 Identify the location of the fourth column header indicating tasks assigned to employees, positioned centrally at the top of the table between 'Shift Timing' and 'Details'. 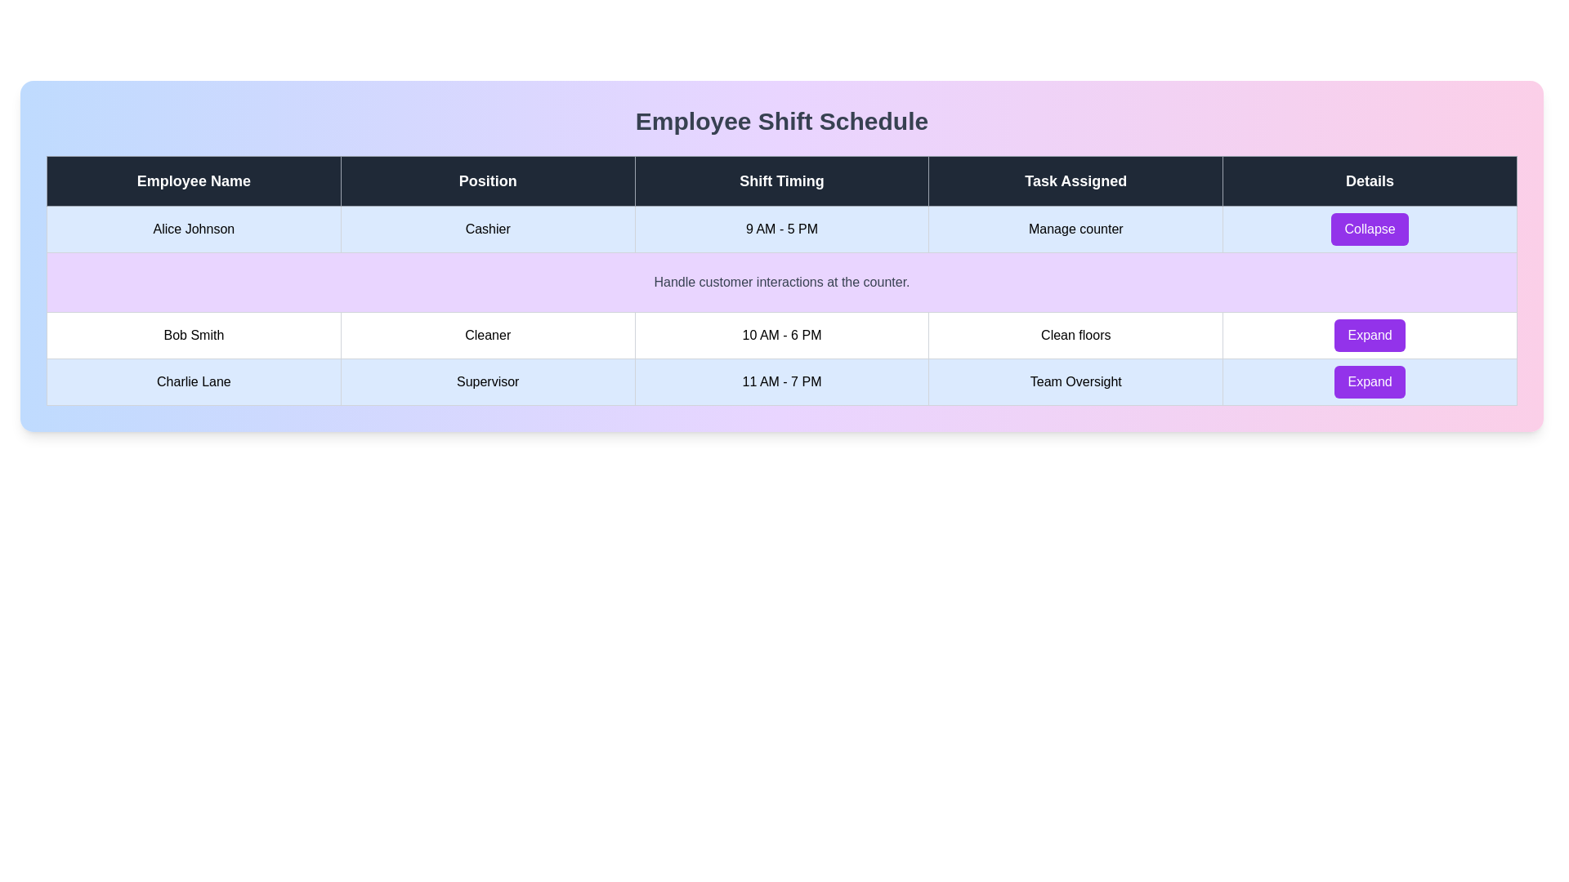
(1075, 181).